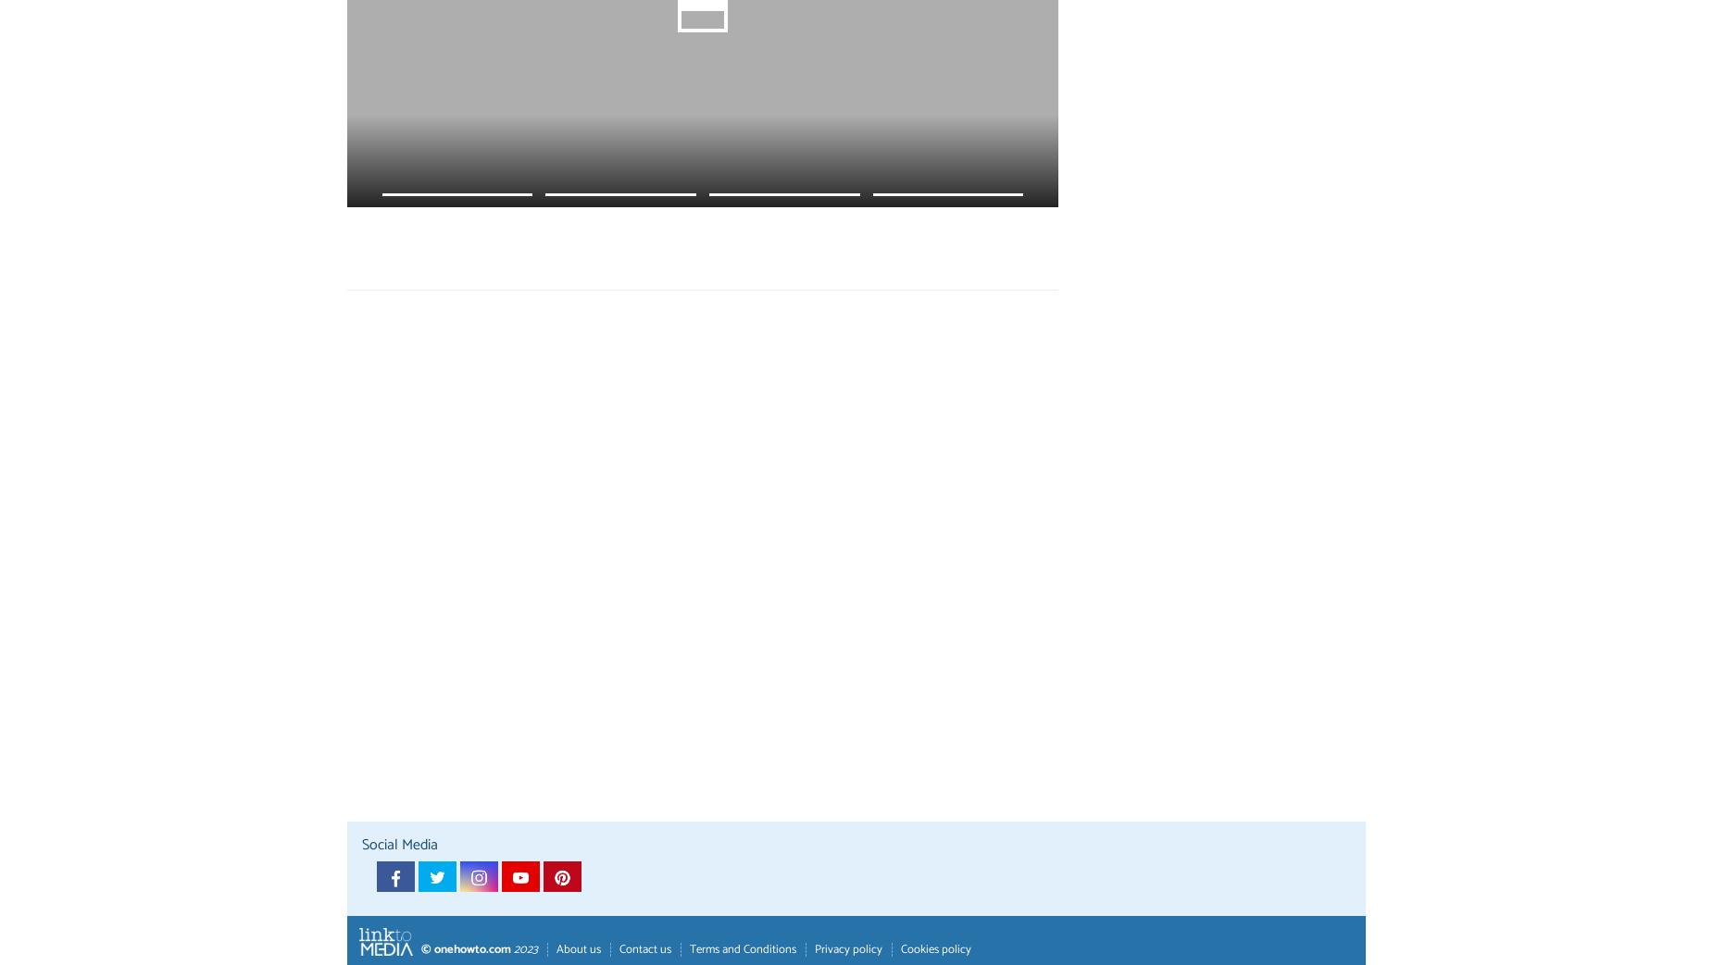 The width and height of the screenshot is (1713, 965). I want to click on '© onehowto.com', so click(466, 948).